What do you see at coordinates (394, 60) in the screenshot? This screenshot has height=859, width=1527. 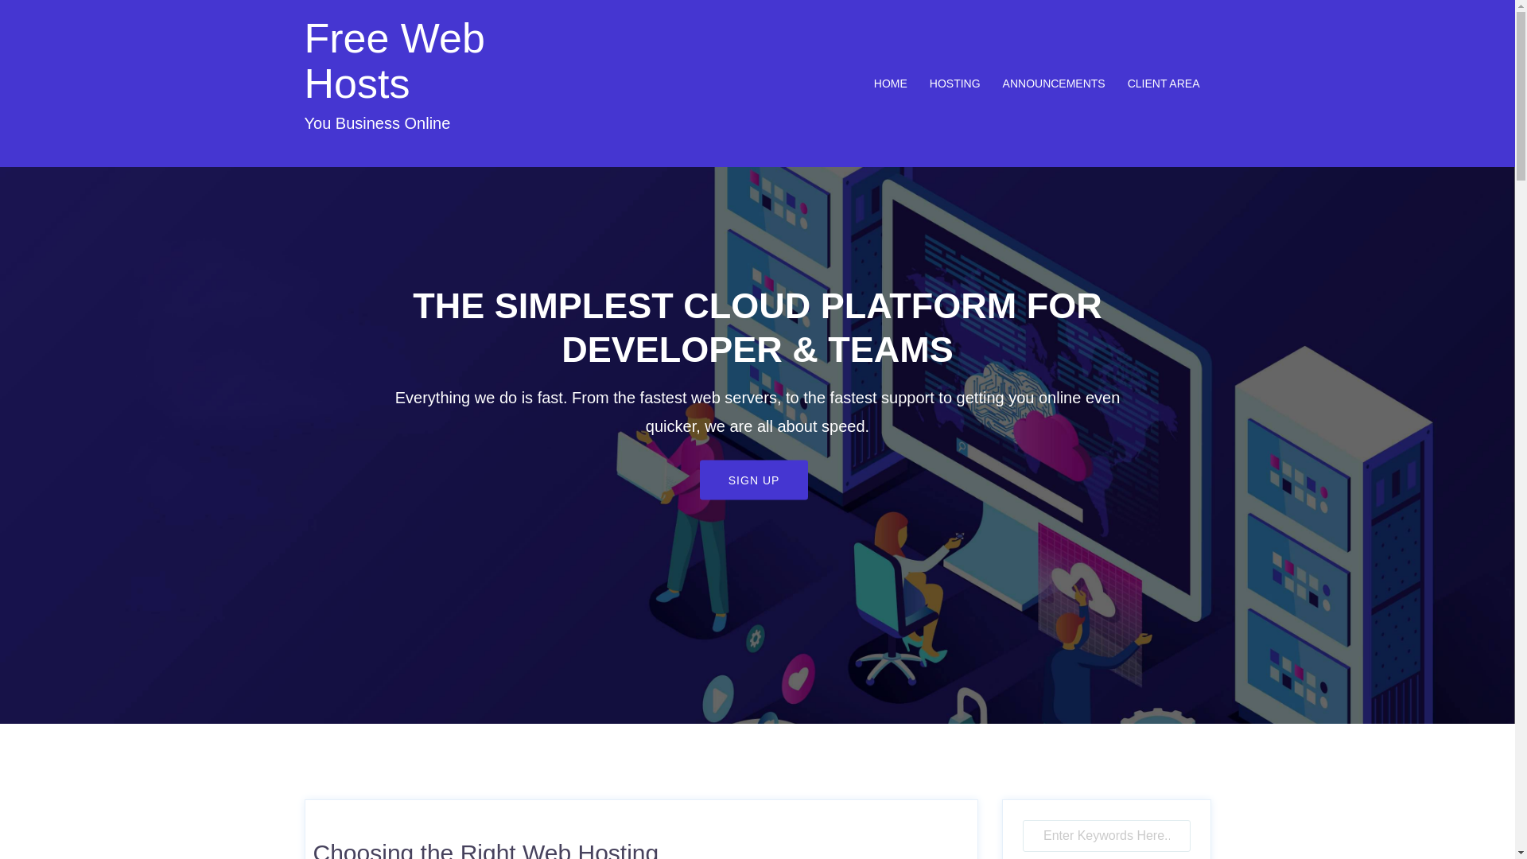 I see `'Free Web Hosts'` at bounding box center [394, 60].